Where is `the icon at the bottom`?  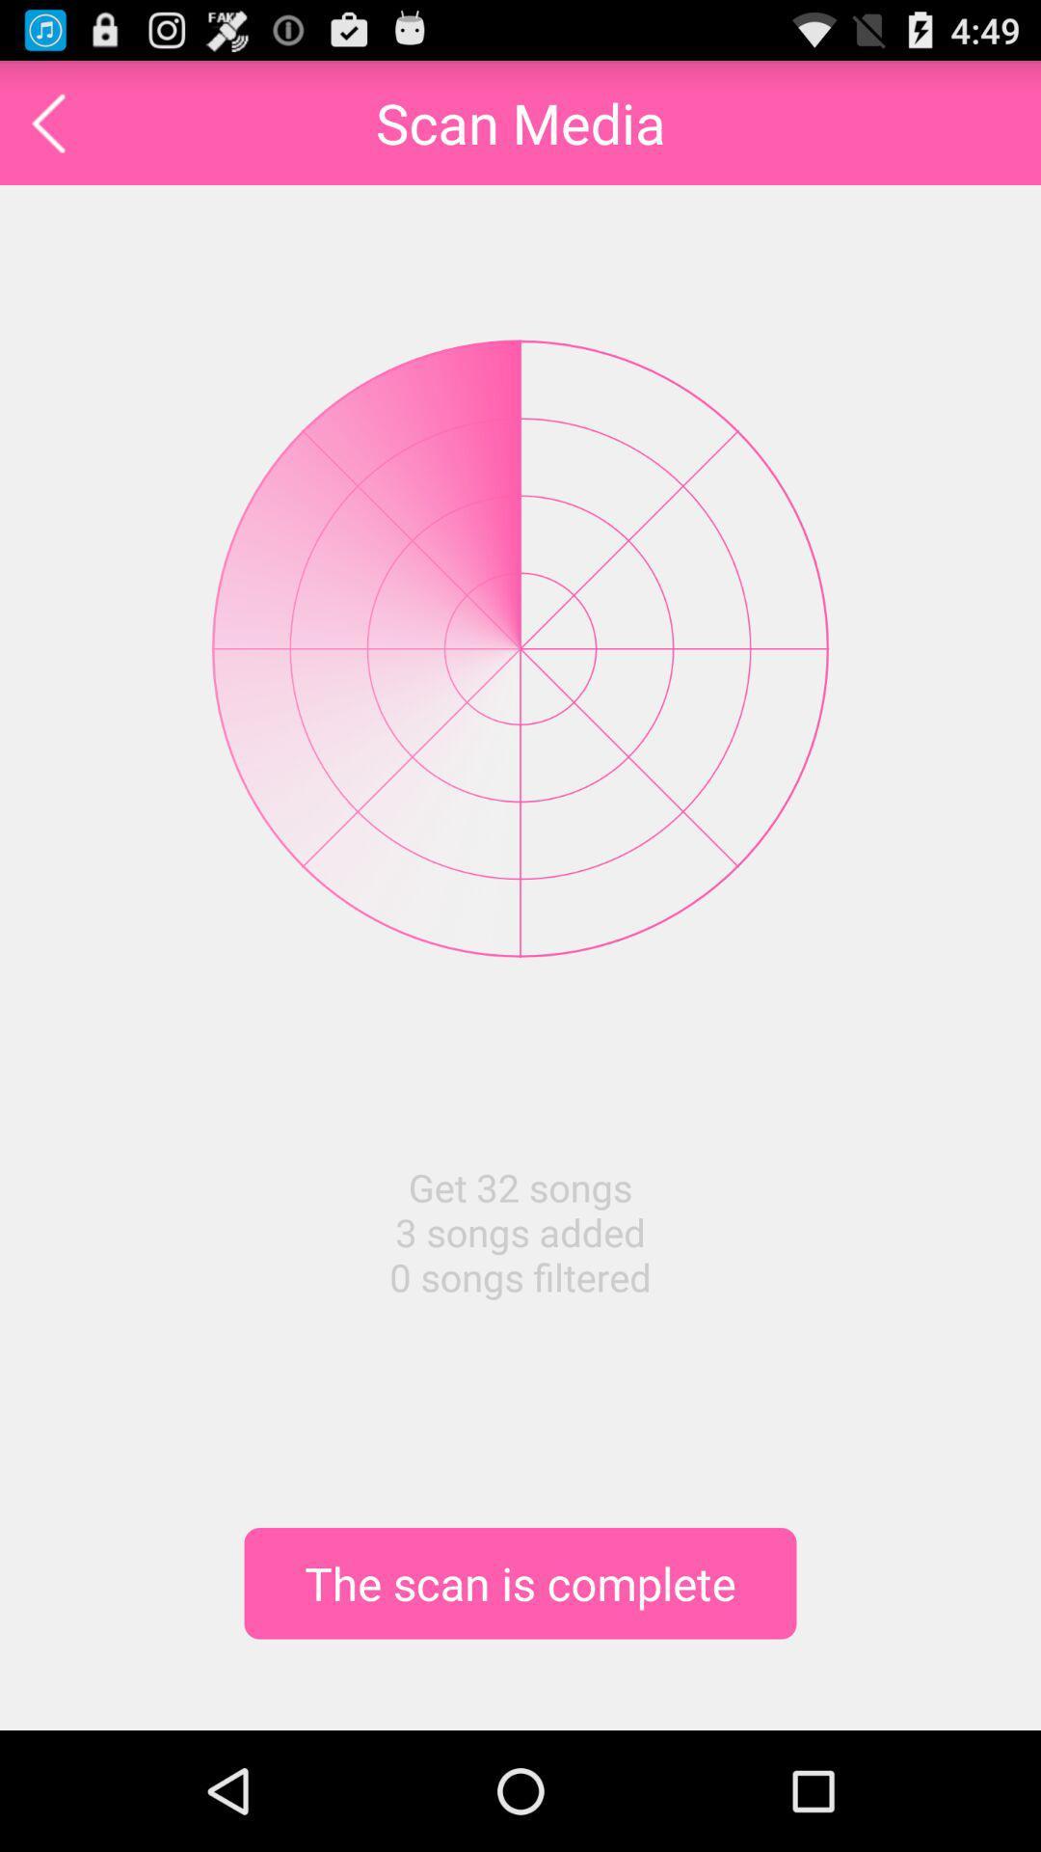 the icon at the bottom is located at coordinates (520, 1583).